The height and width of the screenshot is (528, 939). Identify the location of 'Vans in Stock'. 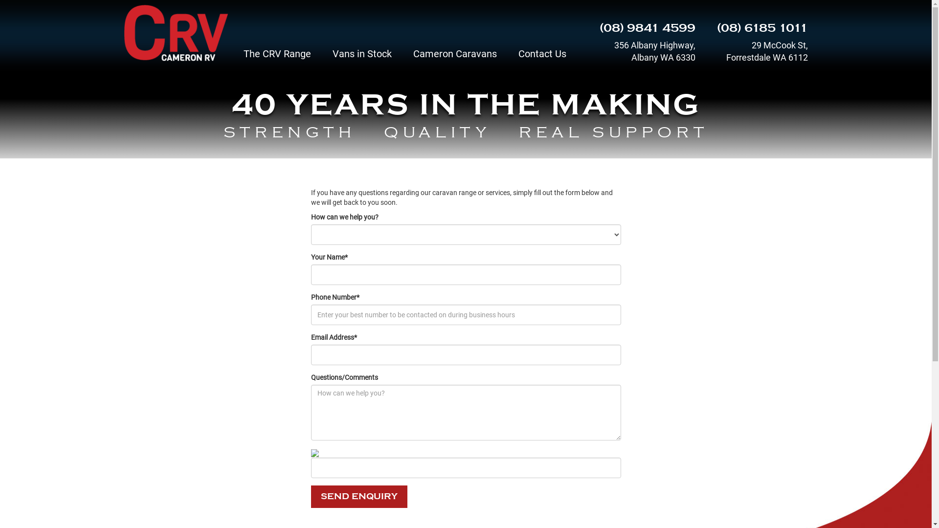
(321, 58).